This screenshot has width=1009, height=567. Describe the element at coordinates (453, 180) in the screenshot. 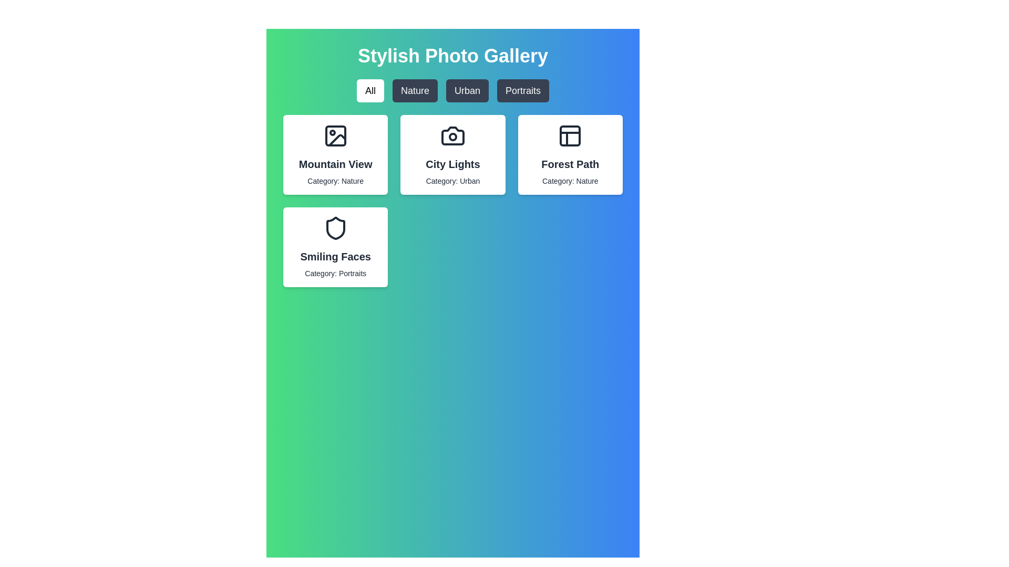

I see `the static text label displaying 'Category: Urban'` at that location.